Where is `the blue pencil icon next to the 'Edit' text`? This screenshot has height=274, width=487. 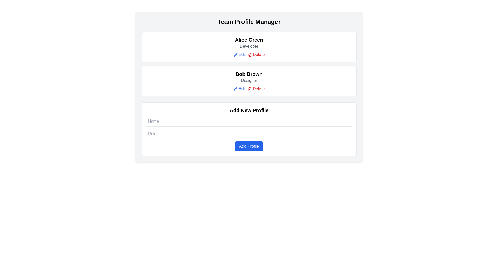
the blue pencil icon next to the 'Edit' text is located at coordinates (235, 55).